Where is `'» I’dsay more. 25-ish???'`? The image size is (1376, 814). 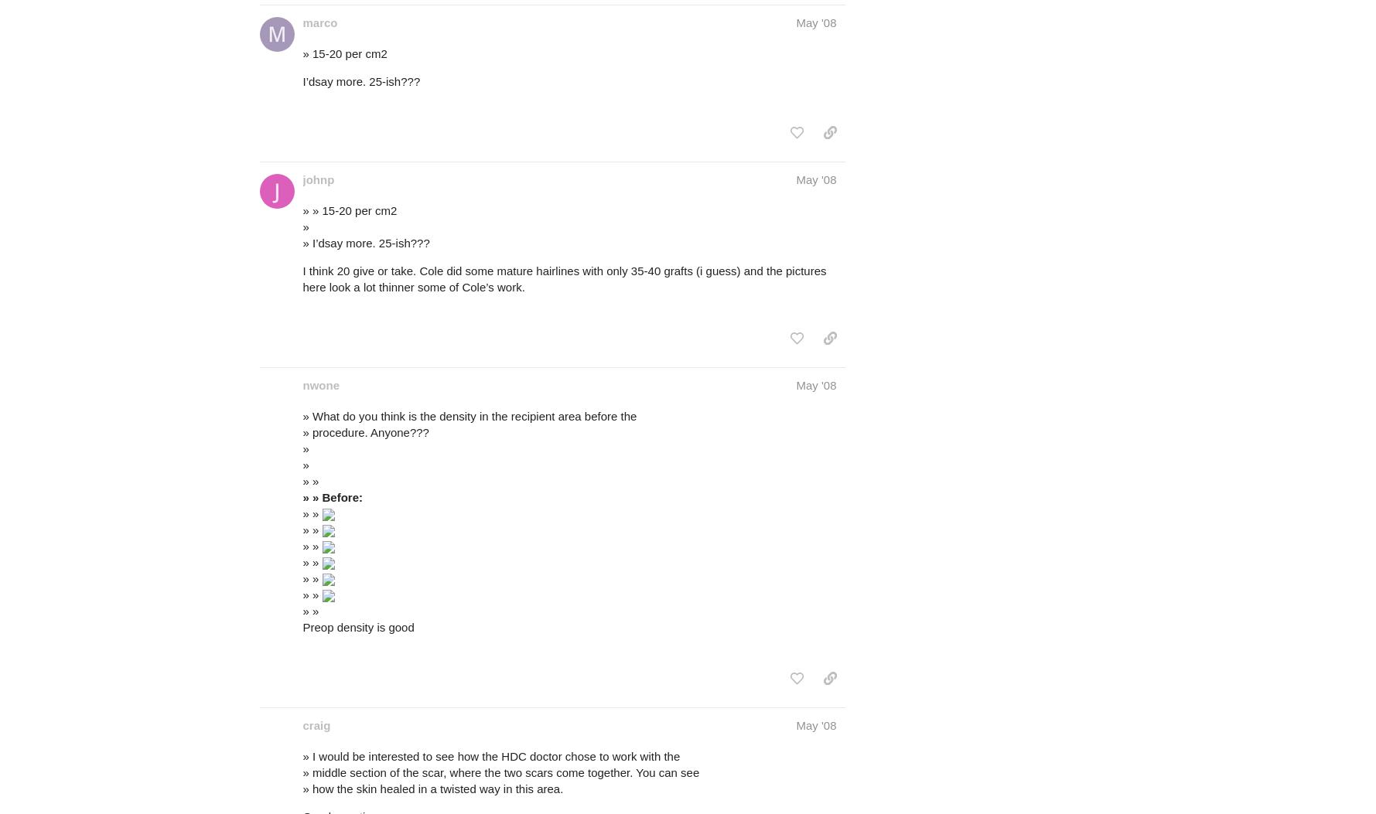 '» I’dsay more. 25-ish???' is located at coordinates (302, 242).